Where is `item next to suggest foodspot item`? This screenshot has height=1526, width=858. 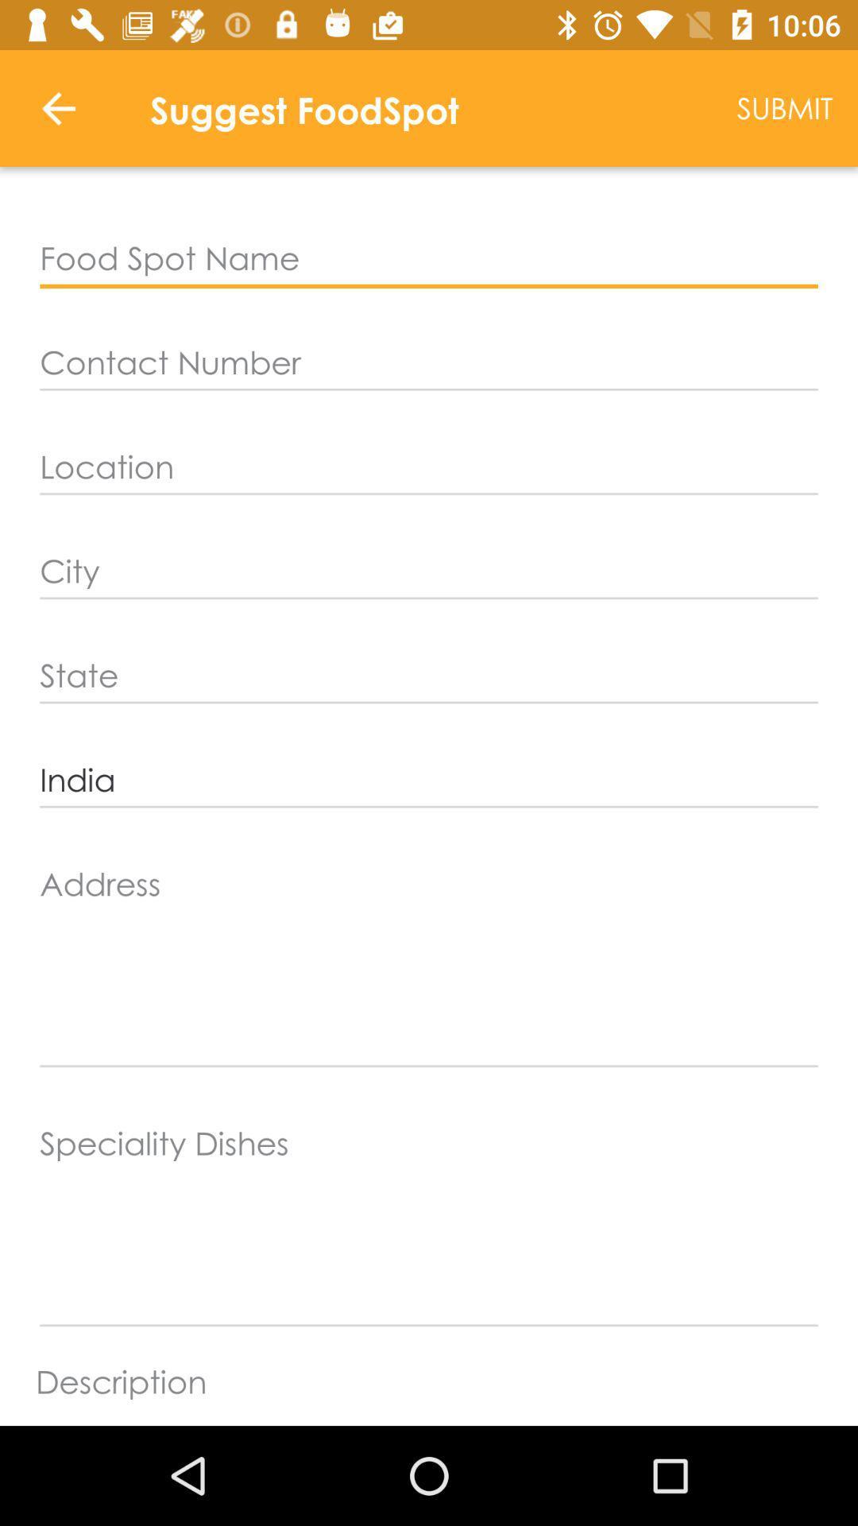 item next to suggest foodspot item is located at coordinates (784, 107).